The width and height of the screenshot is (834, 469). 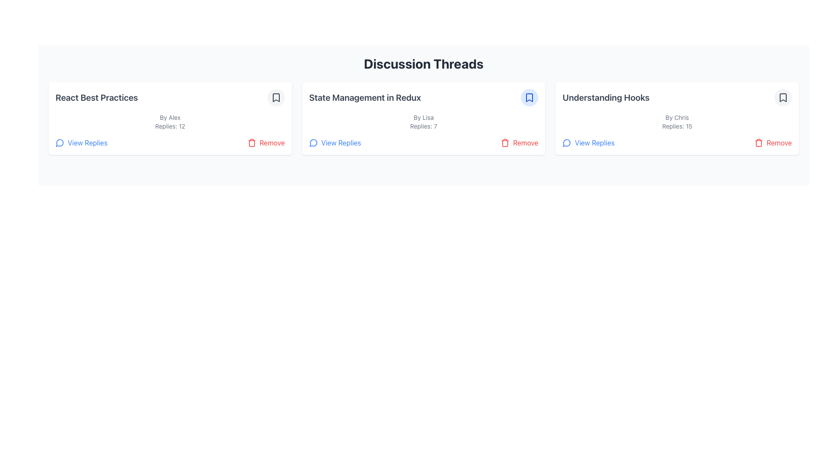 What do you see at coordinates (677, 119) in the screenshot?
I see `the bookmark icon located at the top-right corner of the 'Understanding Hooks' discussion summary card to mark the thread as favorite` at bounding box center [677, 119].